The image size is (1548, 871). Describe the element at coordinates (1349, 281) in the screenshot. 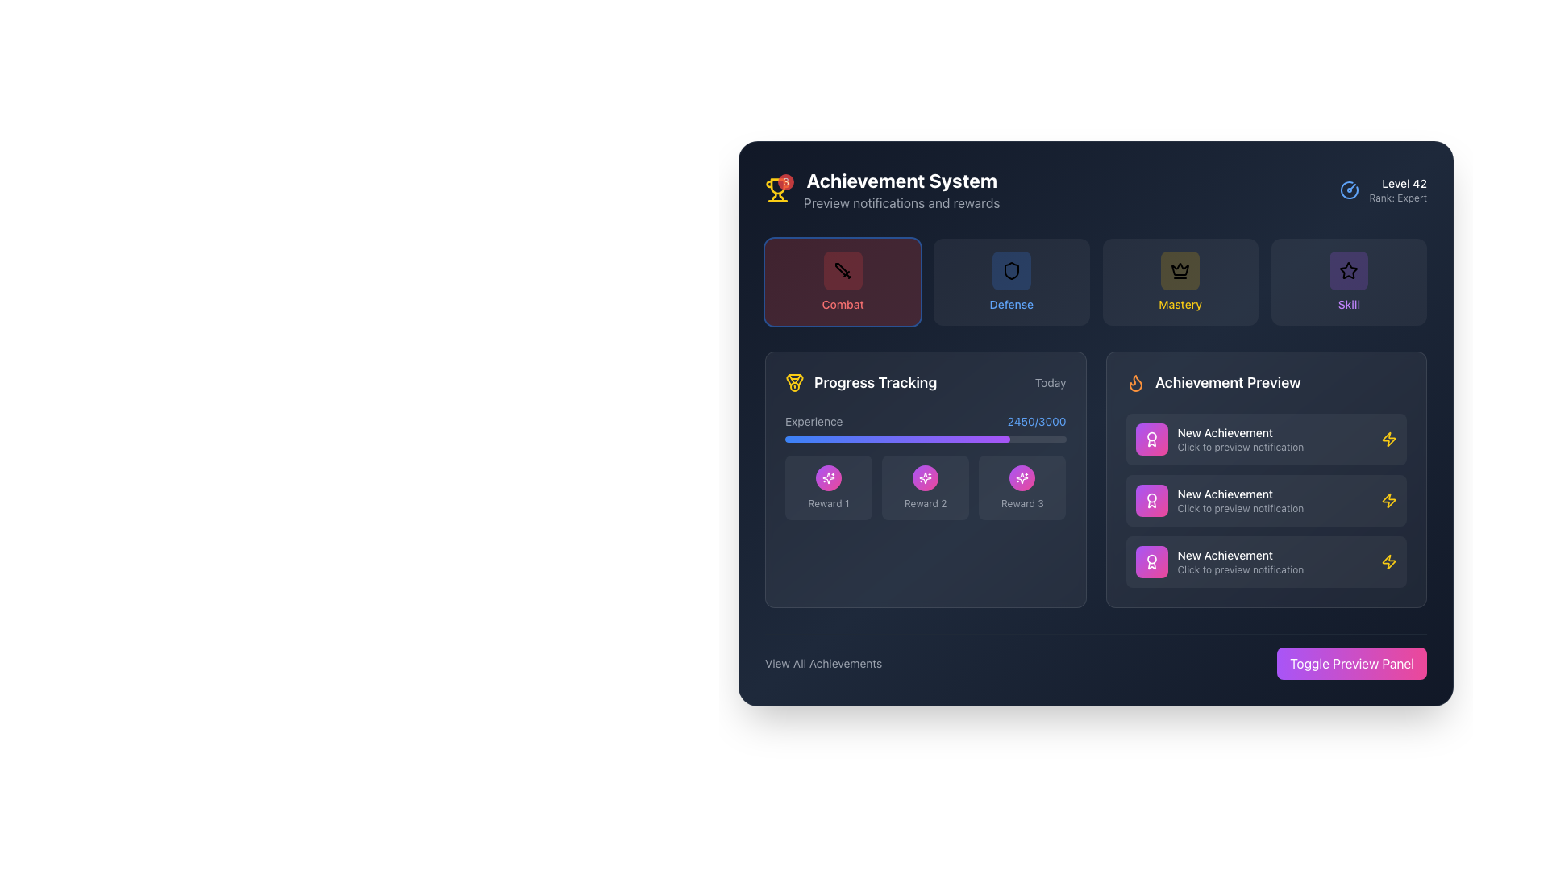

I see `the 'Skill' button, which is a purple rectangular card with a star icon and the label 'Skill' beneath it, located at the top center of the interface among other cards labeled 'Combat,' 'Defense,' and 'Mastery.'` at that location.